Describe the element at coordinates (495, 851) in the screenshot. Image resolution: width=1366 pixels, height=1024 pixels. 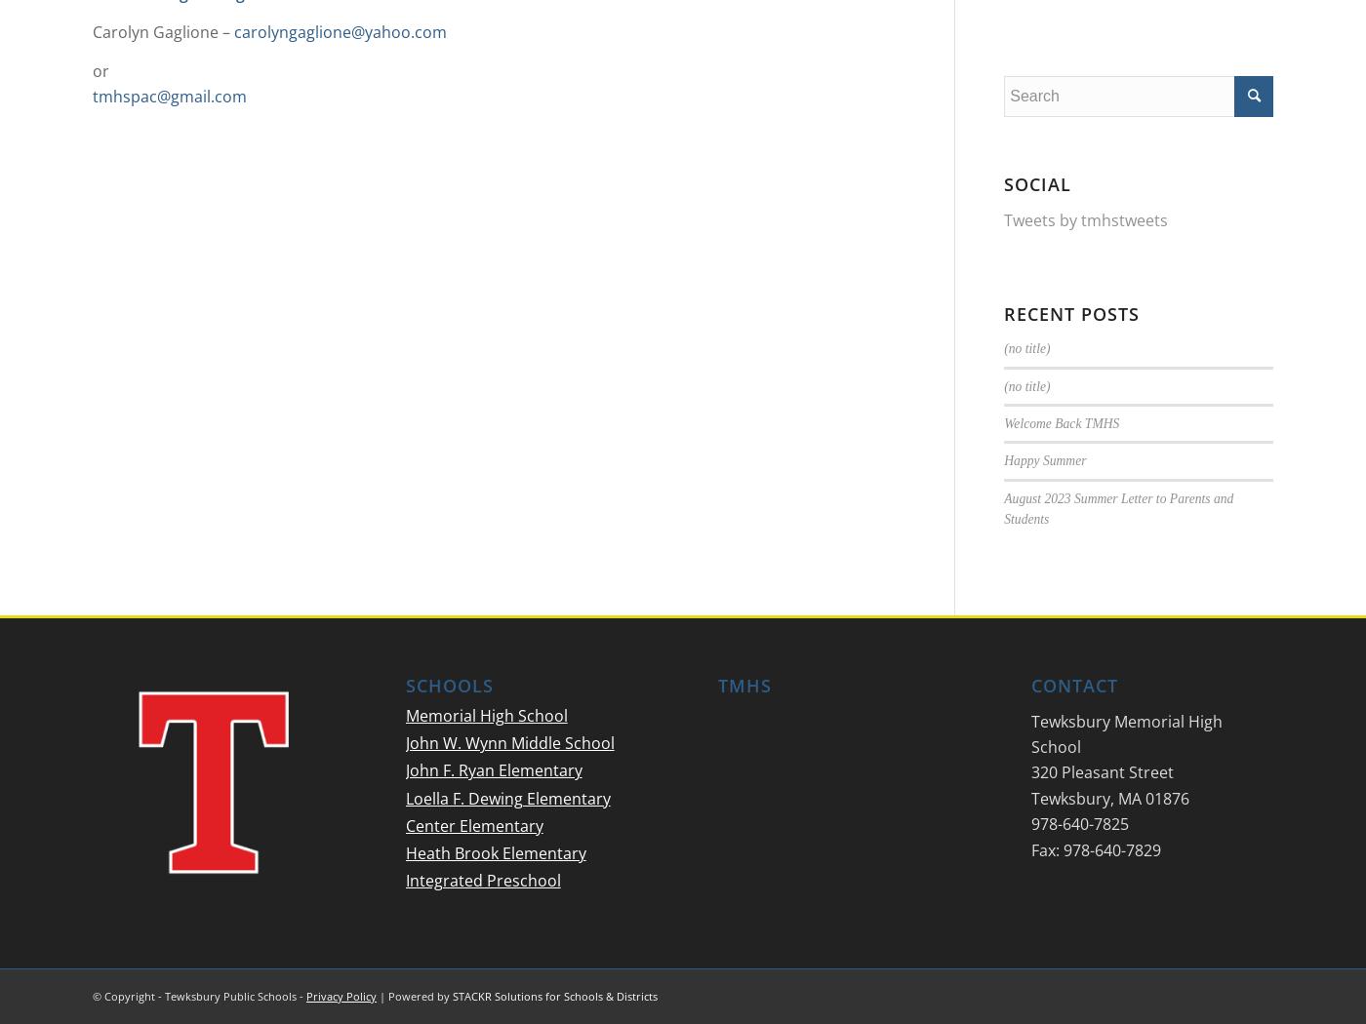
I see `'Heath Brook Elementary'` at that location.